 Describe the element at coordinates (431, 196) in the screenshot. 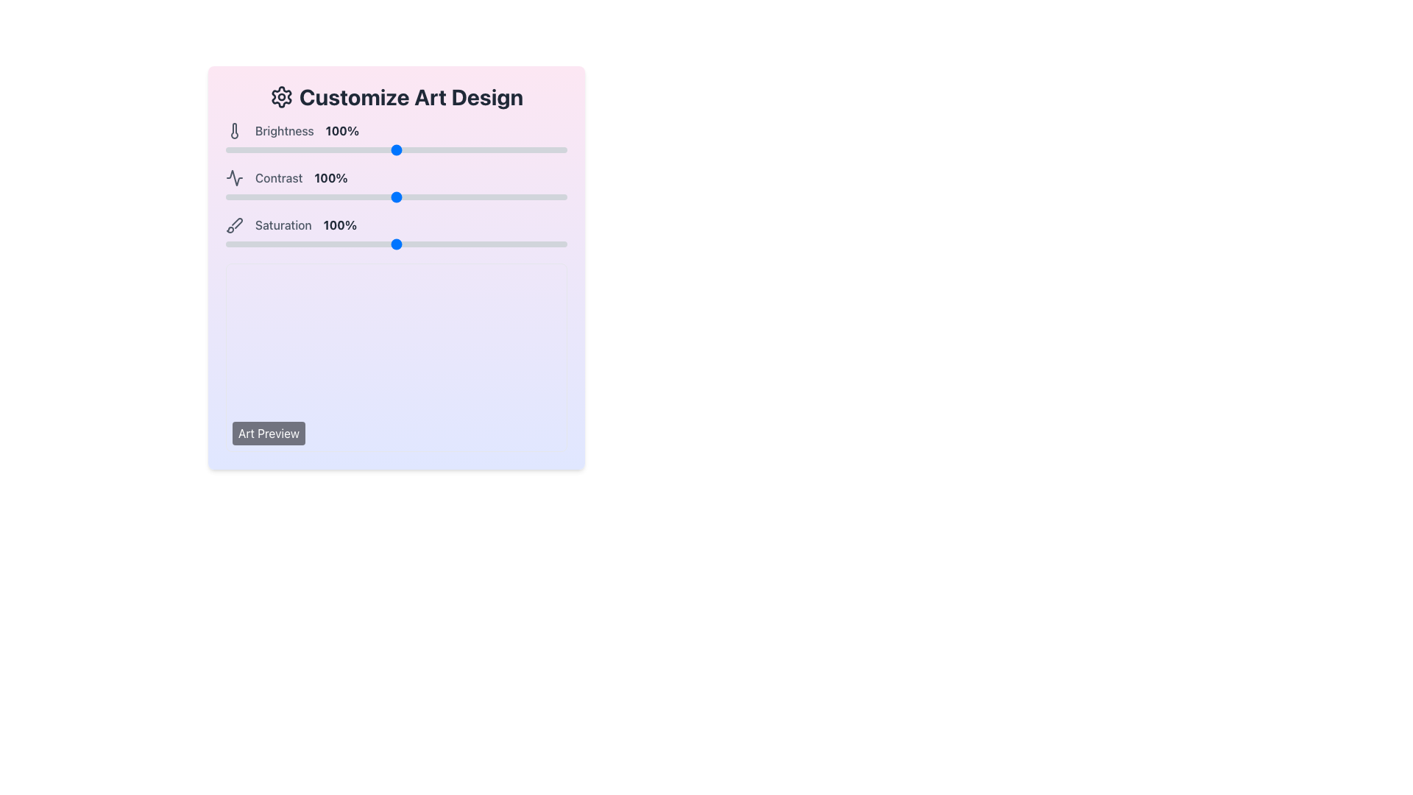

I see `contrast` at that location.